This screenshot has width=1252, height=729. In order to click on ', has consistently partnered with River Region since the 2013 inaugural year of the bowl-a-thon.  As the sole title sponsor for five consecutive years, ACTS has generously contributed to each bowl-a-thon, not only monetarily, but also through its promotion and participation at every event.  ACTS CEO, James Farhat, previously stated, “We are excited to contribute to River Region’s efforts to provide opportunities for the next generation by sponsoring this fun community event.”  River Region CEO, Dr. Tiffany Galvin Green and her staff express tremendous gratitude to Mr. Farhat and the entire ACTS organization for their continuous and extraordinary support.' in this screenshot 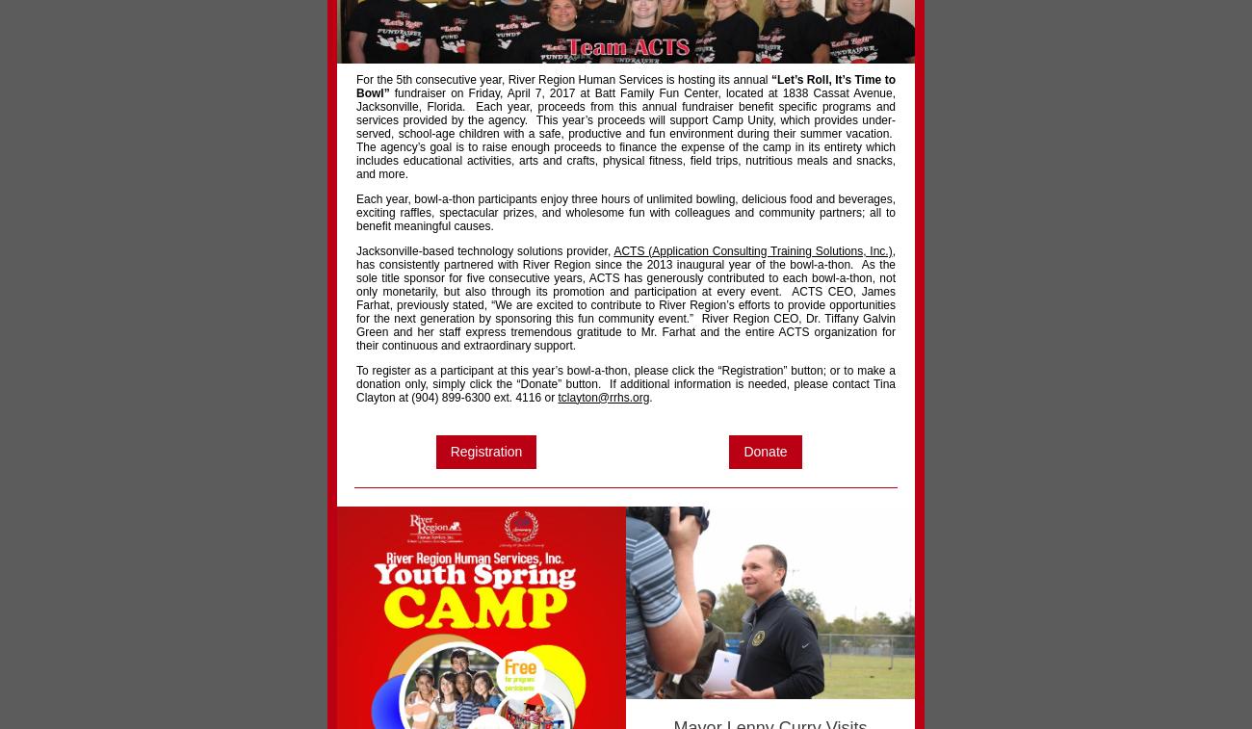, I will do `click(626, 297)`.